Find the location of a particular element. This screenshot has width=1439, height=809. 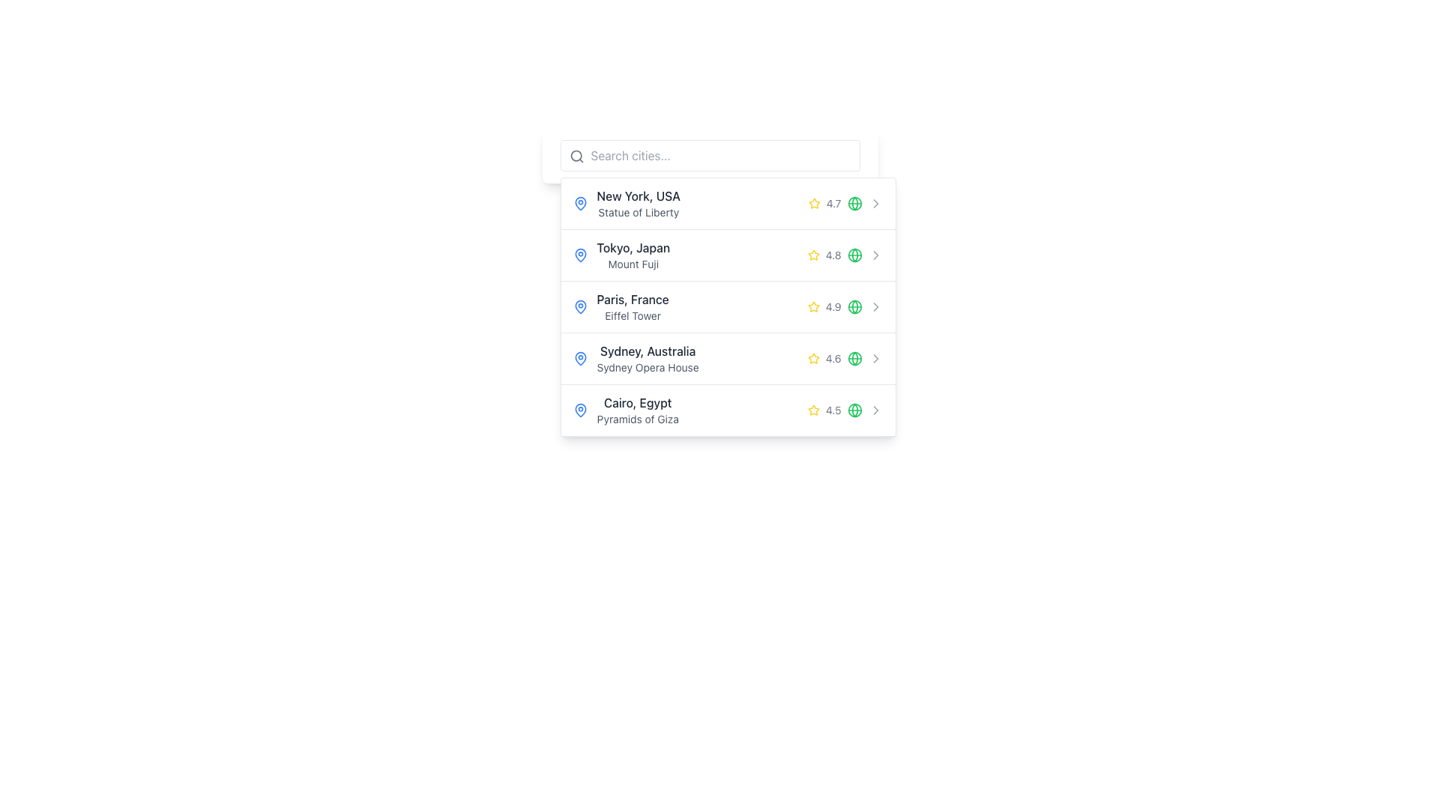

the right-facing chevron icon styled in gray at the far right end of the row associated with 'Cairo, Egypt' and 'Pyramids of Giza' is located at coordinates (875, 410).